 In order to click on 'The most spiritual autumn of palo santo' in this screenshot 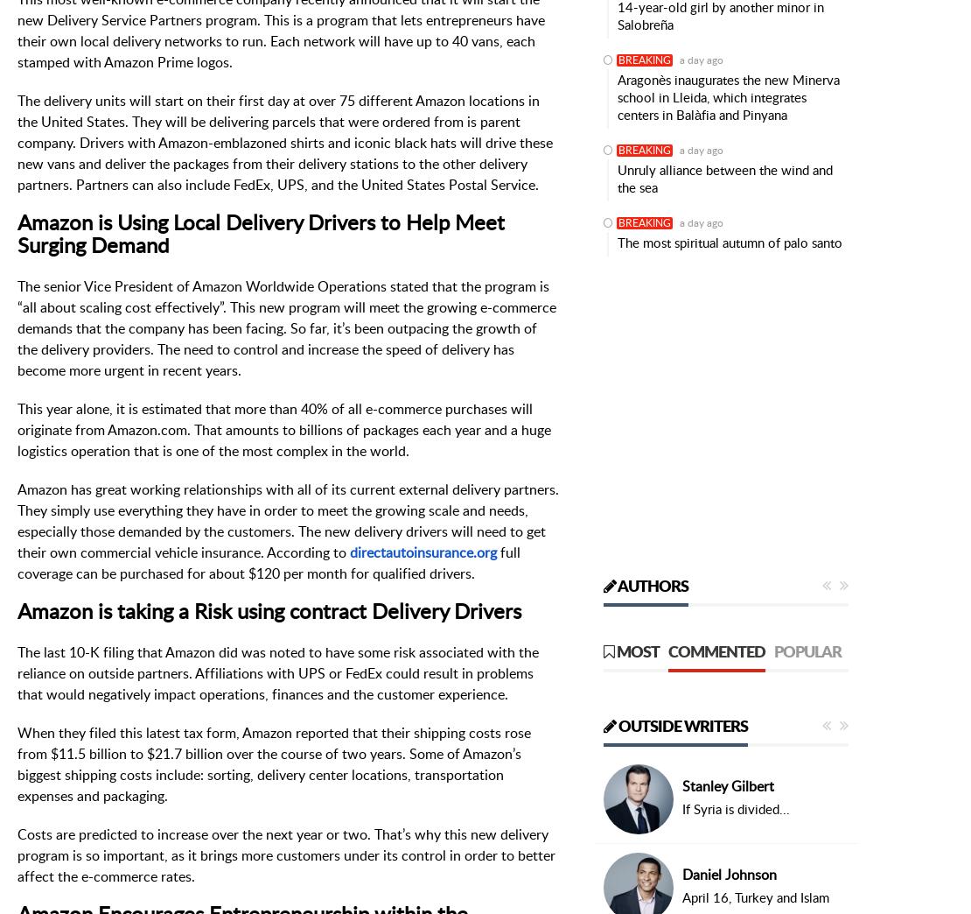, I will do `click(617, 243)`.